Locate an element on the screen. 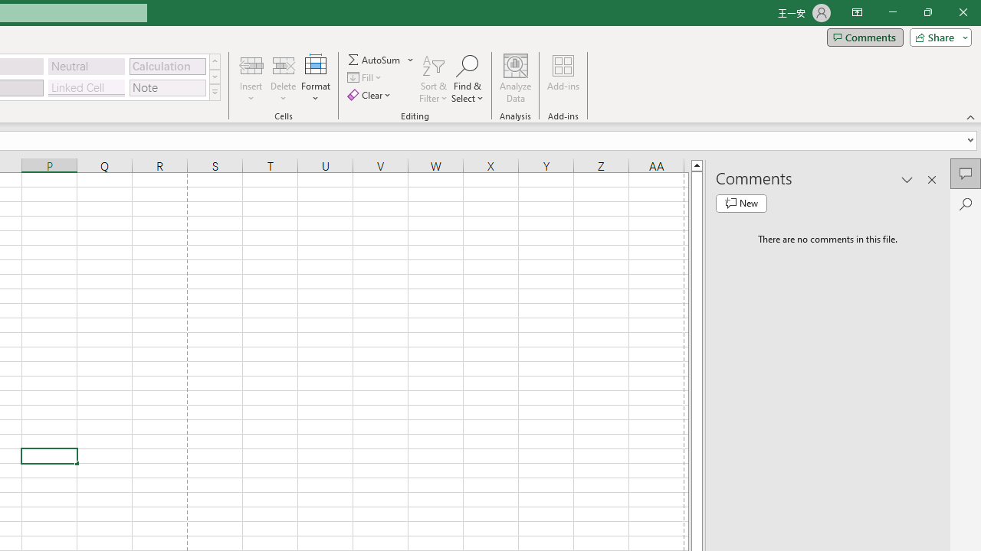 The width and height of the screenshot is (981, 551). 'Clear' is located at coordinates (370, 95).